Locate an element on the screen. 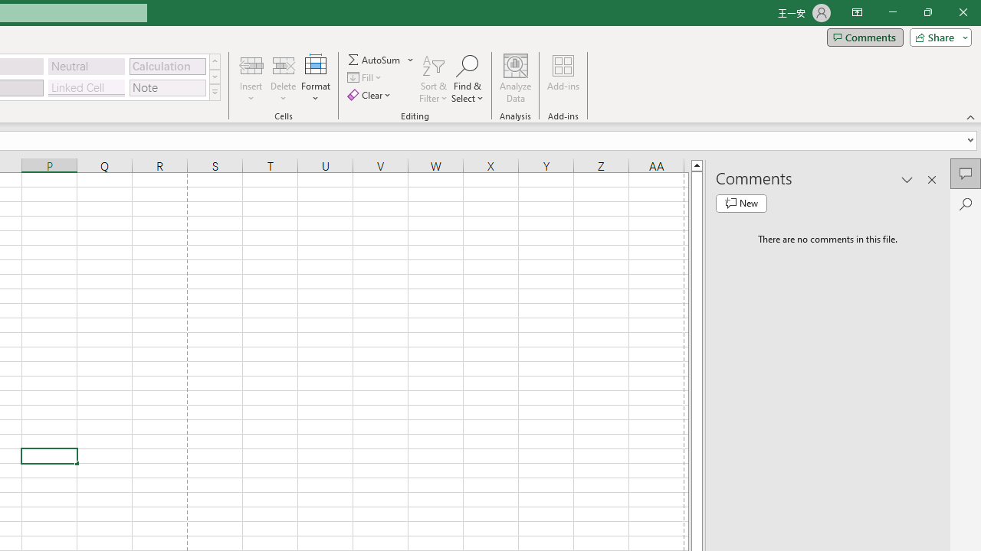 The width and height of the screenshot is (981, 551). 'Clear' is located at coordinates (370, 95).